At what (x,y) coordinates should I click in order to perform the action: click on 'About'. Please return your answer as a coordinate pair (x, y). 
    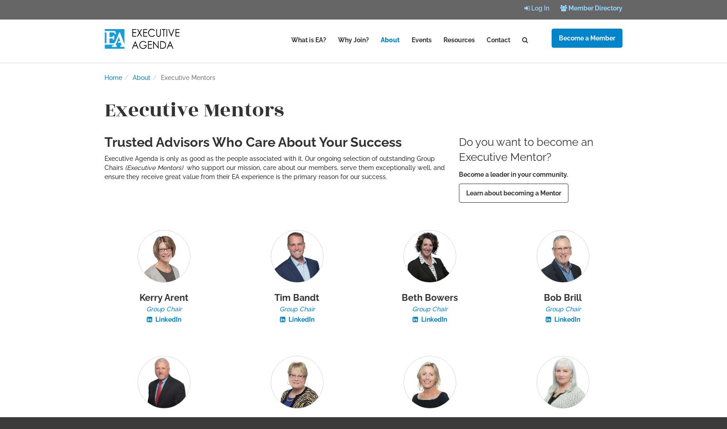
    Looking at the image, I should click on (141, 77).